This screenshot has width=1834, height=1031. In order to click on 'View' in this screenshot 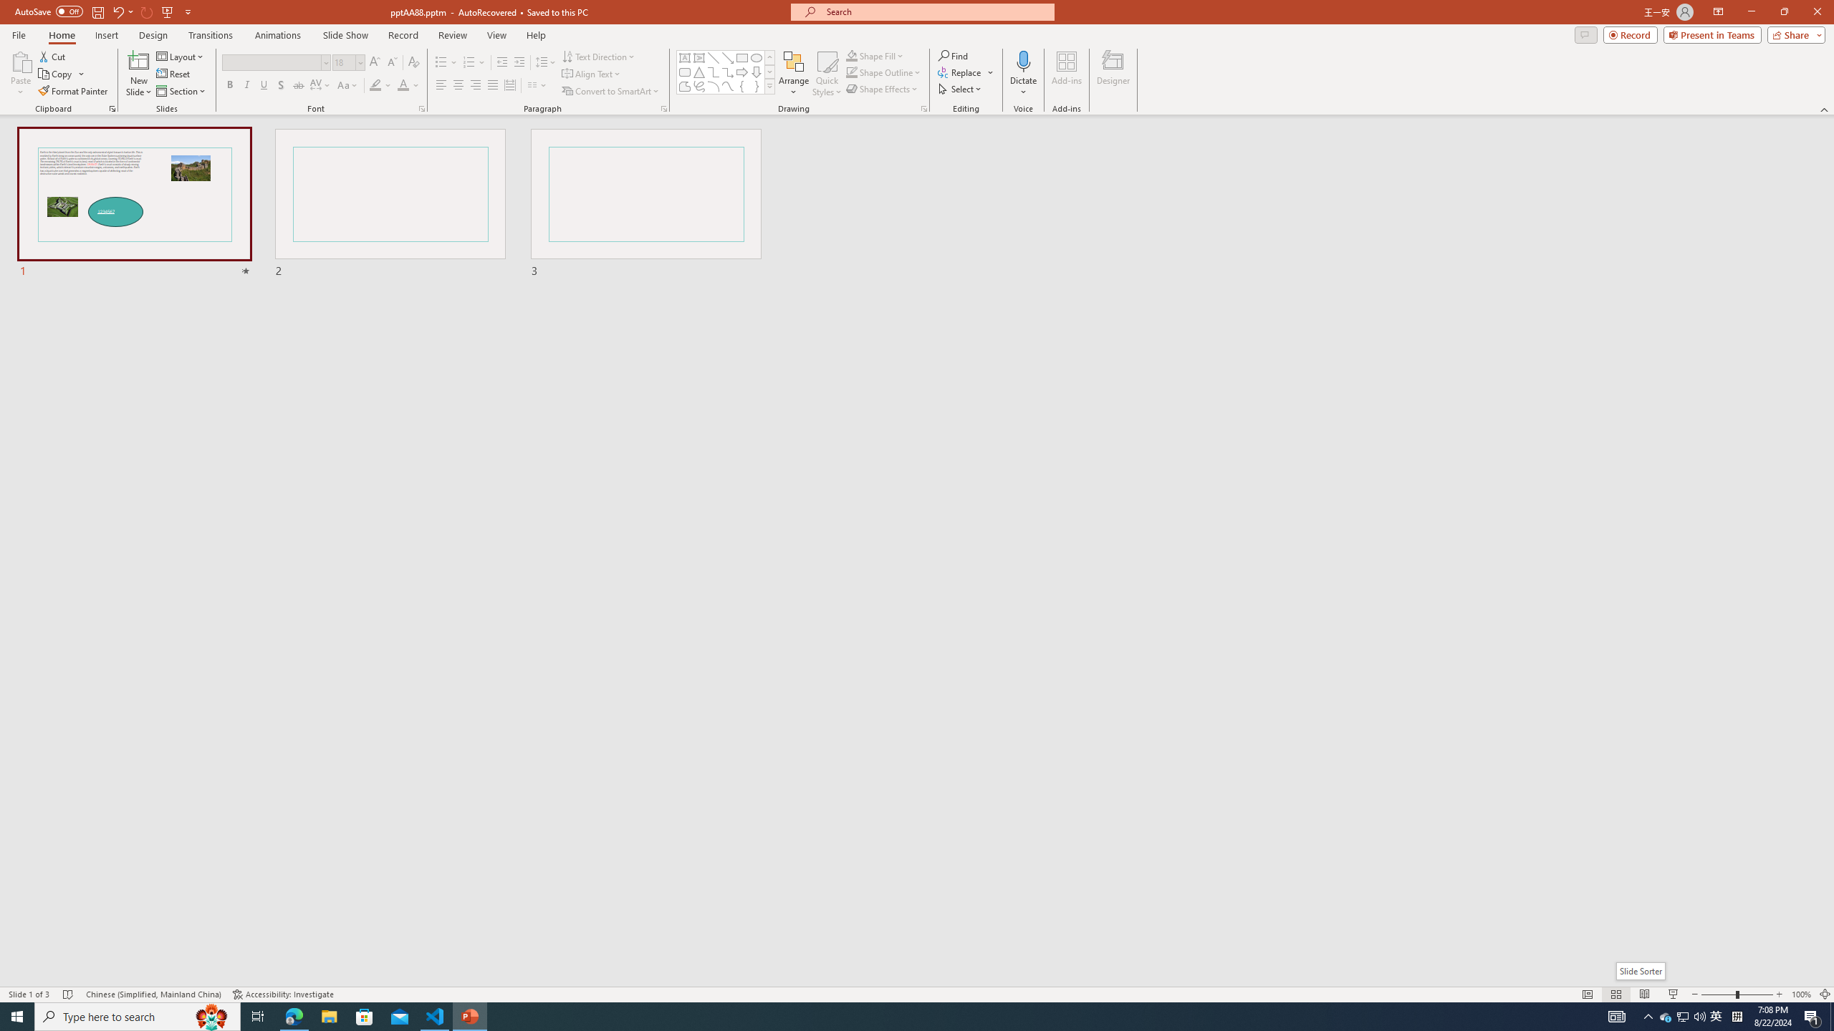, I will do `click(497, 35)`.